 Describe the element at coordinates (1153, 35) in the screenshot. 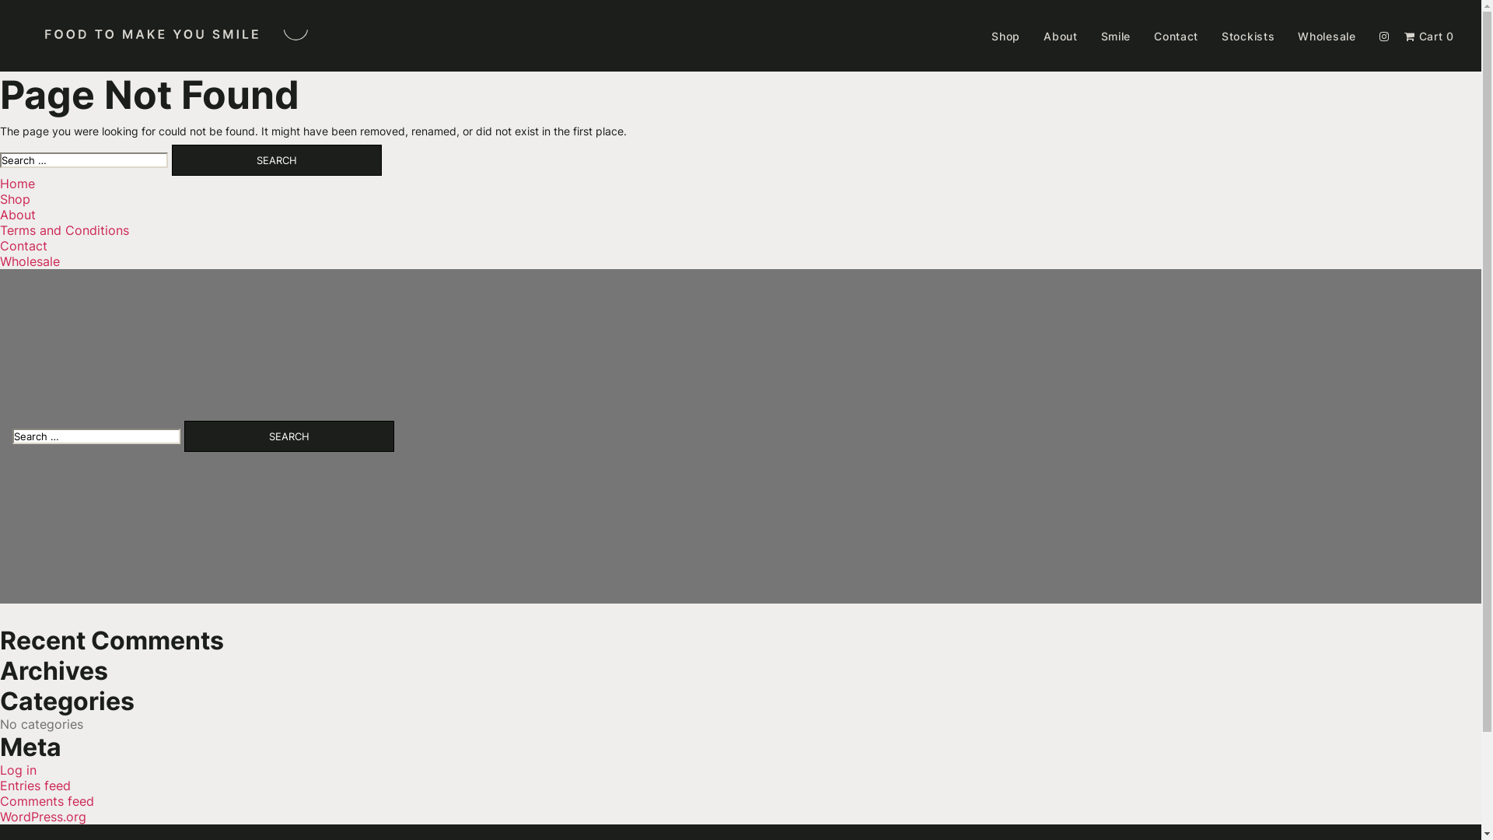

I see `'Contact'` at that location.